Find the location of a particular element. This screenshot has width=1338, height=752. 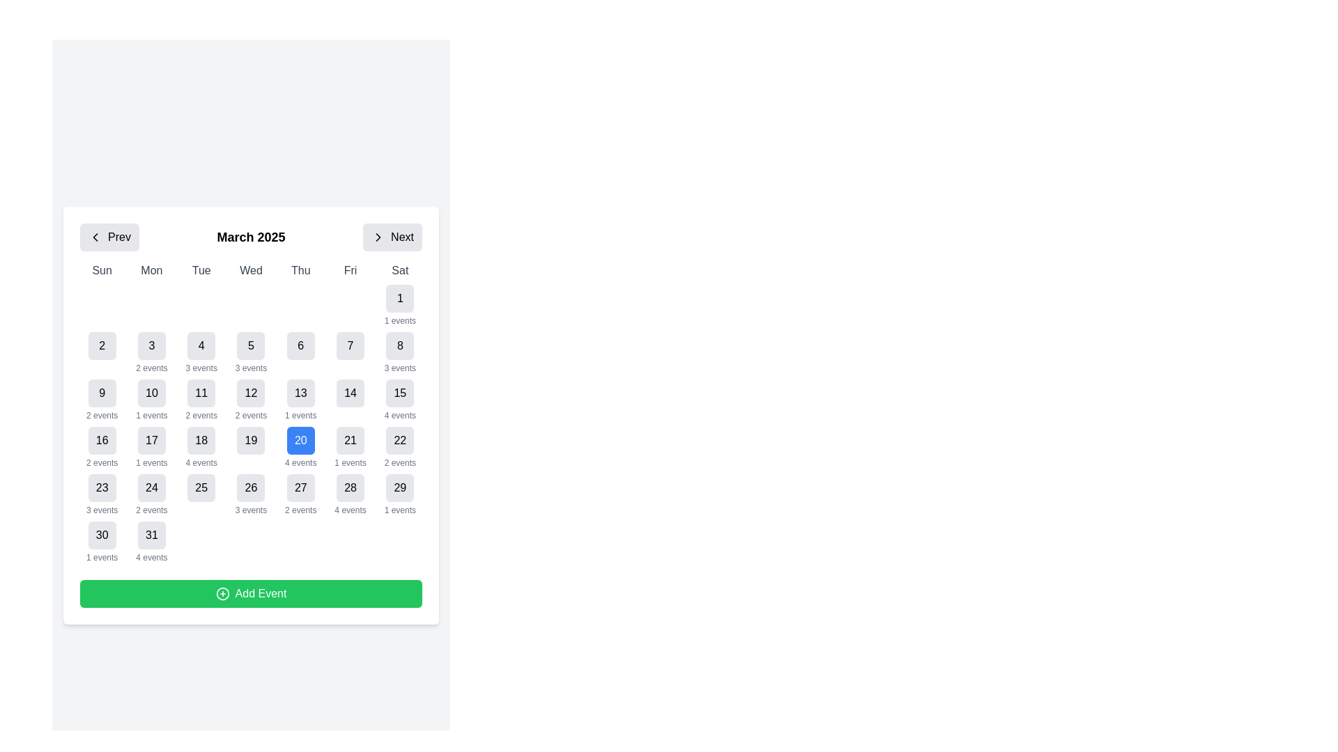

the Calendar Date Item representing the 26th day of the week in the 4th column and 6th row of the calendar for March 2025 is located at coordinates (251, 494).